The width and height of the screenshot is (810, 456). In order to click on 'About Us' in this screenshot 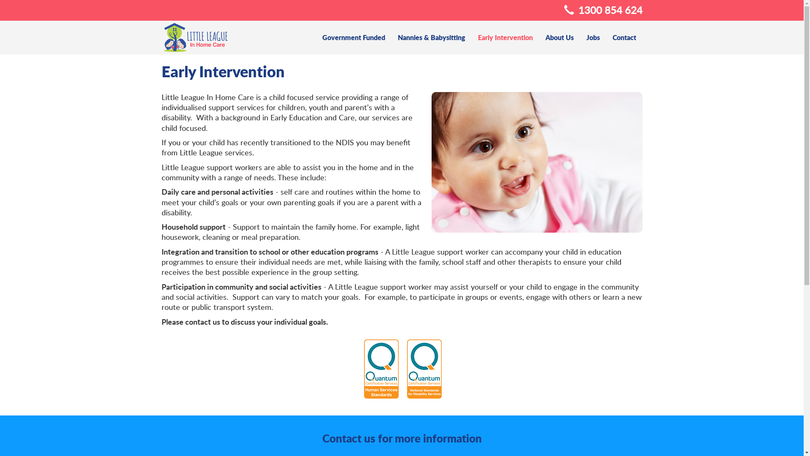, I will do `click(559, 37)`.